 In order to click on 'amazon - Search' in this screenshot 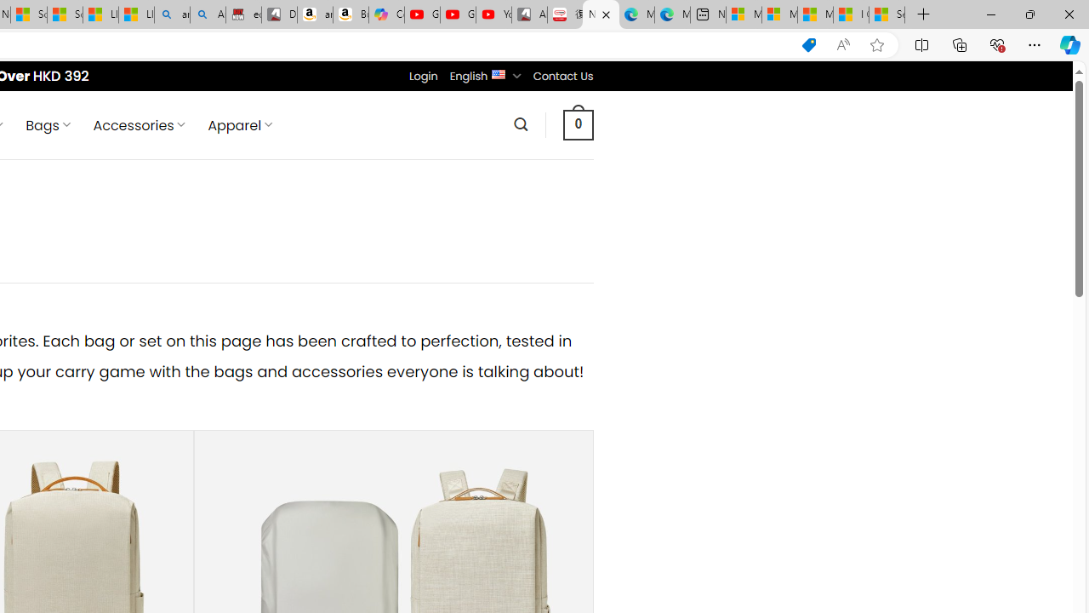, I will do `click(172, 14)`.